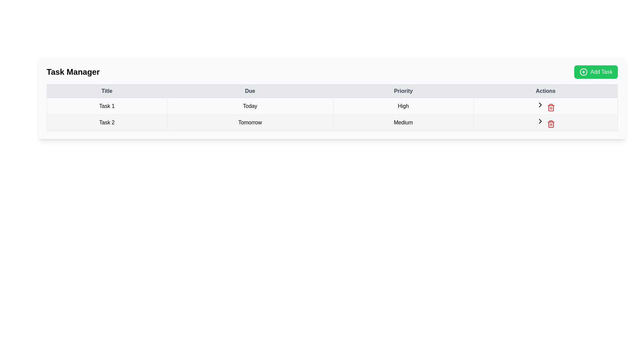  I want to click on the text label displaying 'Task 2' in the second row of the table under the 'Title' column, so click(106, 122).